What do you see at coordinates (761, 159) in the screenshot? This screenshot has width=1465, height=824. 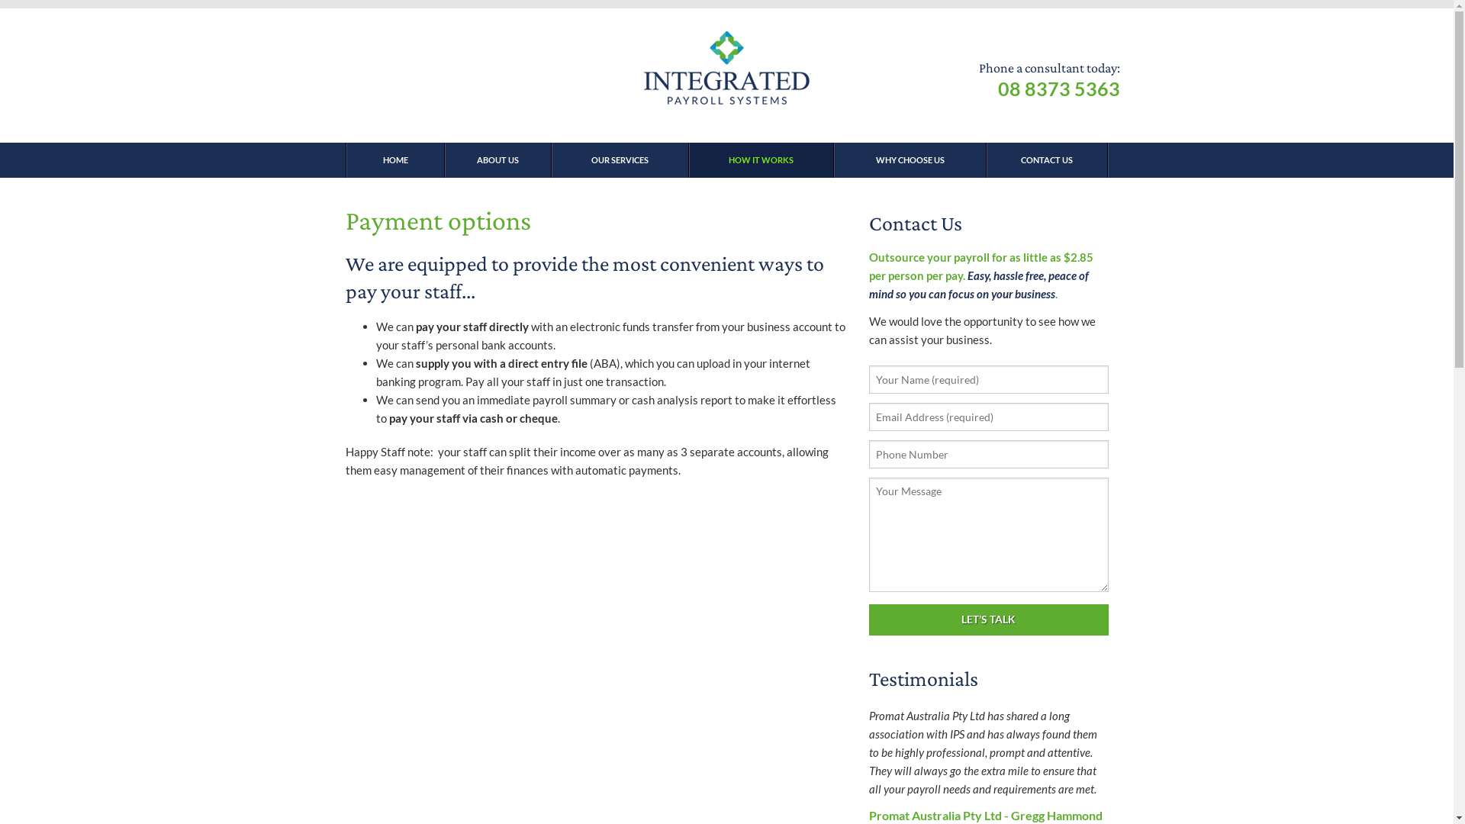 I see `'HOW IT WORKS'` at bounding box center [761, 159].